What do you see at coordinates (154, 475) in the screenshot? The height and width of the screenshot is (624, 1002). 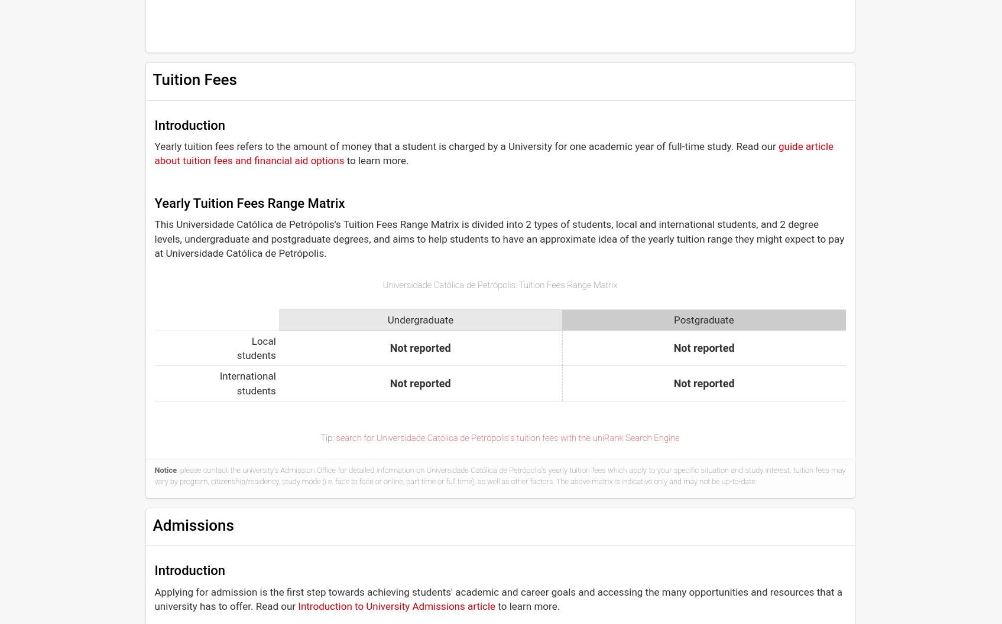 I see `': please contact the university's Admission Office for detailed information on Universidade Católica de Petrópolis's yearly tuition fees which apply to your specific situation and study interest; tuition fees may vary by program, citizenship/residency, study mode (i.e. face to face or online, part time or full time), as well as other factors. The above matrix is indicative only and may not be up-to-date.'` at bounding box center [154, 475].